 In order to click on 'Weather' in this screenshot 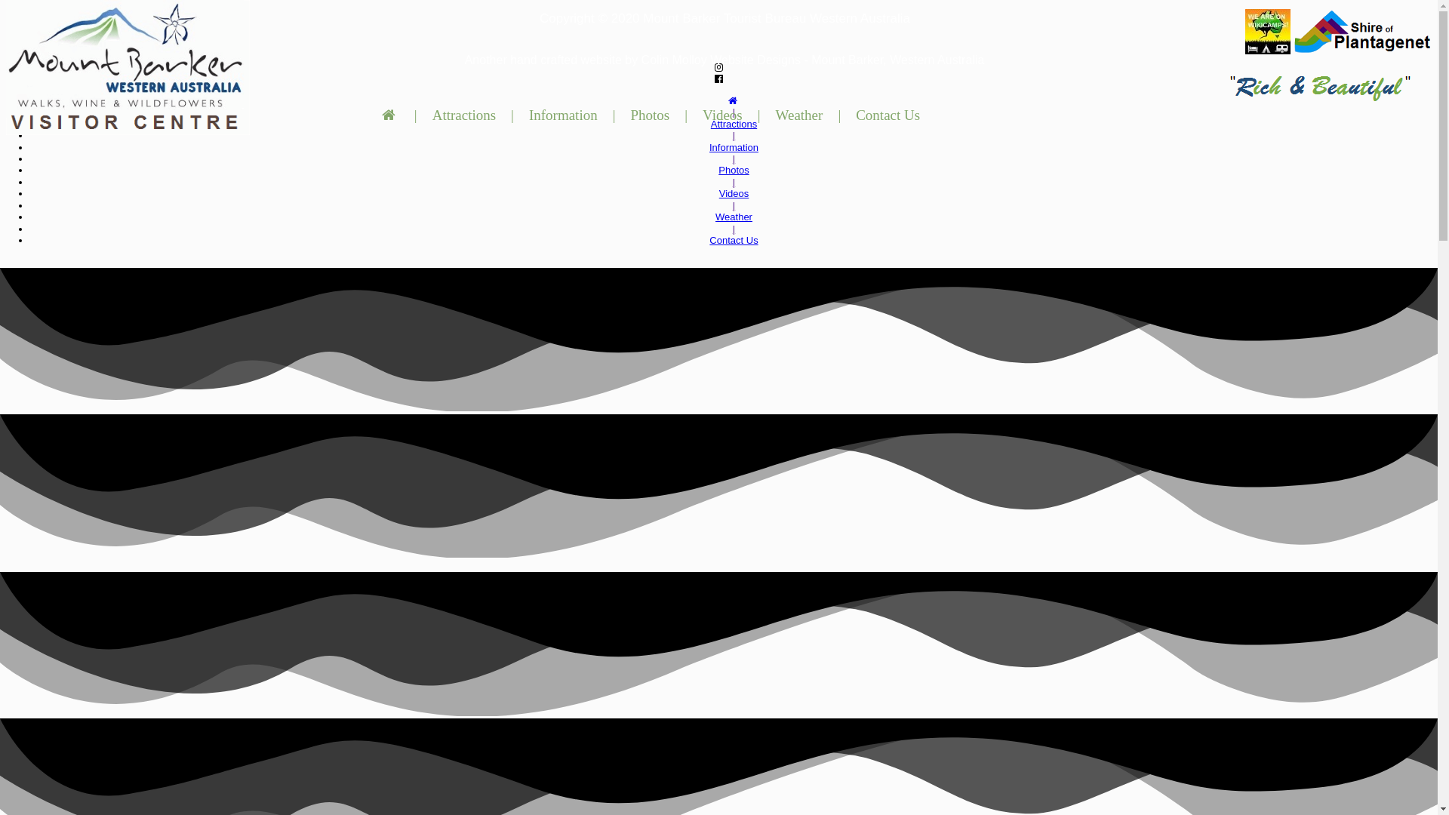, I will do `click(734, 217)`.